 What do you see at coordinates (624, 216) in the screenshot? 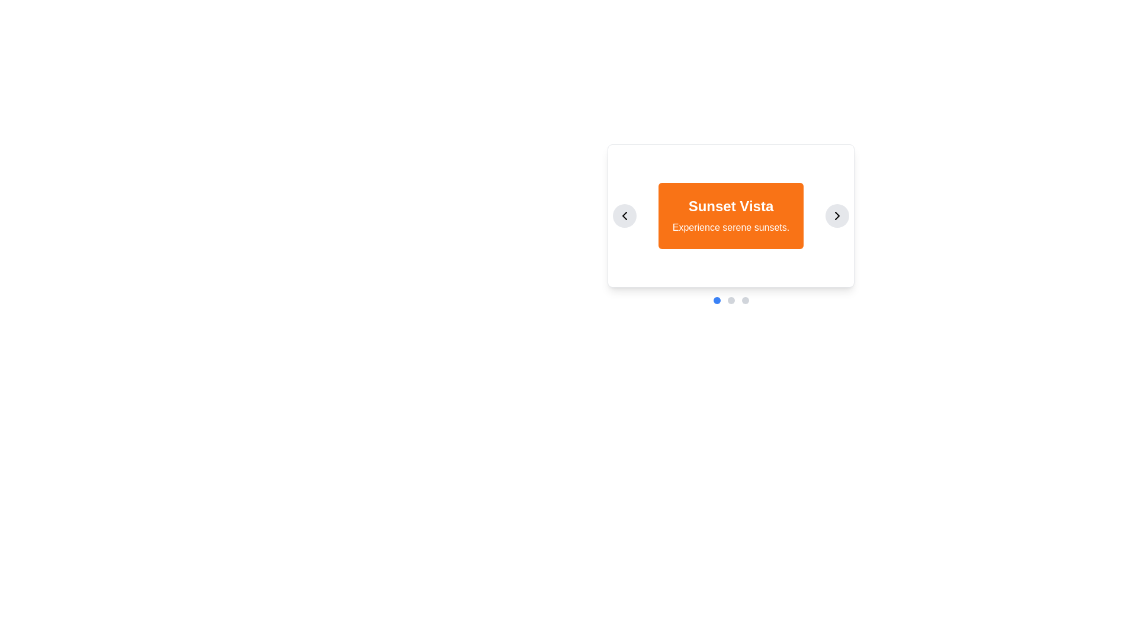
I see `the leftward-pointing chevron SVG icon located adjacent to the orange button labeled 'Sunset Vista'` at bounding box center [624, 216].